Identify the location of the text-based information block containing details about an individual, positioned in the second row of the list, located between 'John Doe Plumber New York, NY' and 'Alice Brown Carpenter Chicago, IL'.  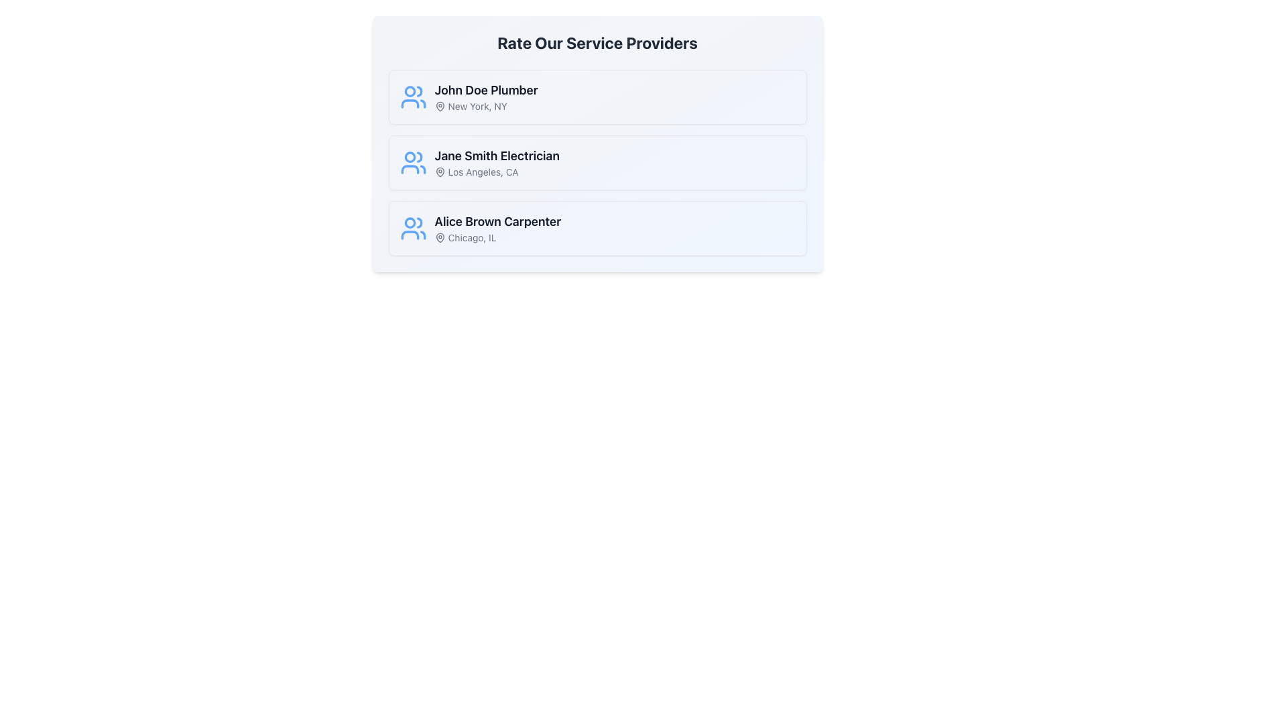
(496, 162).